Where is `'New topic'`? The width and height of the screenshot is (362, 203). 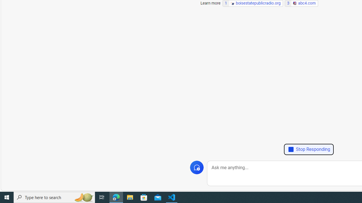
'New topic' is located at coordinates (197, 167).